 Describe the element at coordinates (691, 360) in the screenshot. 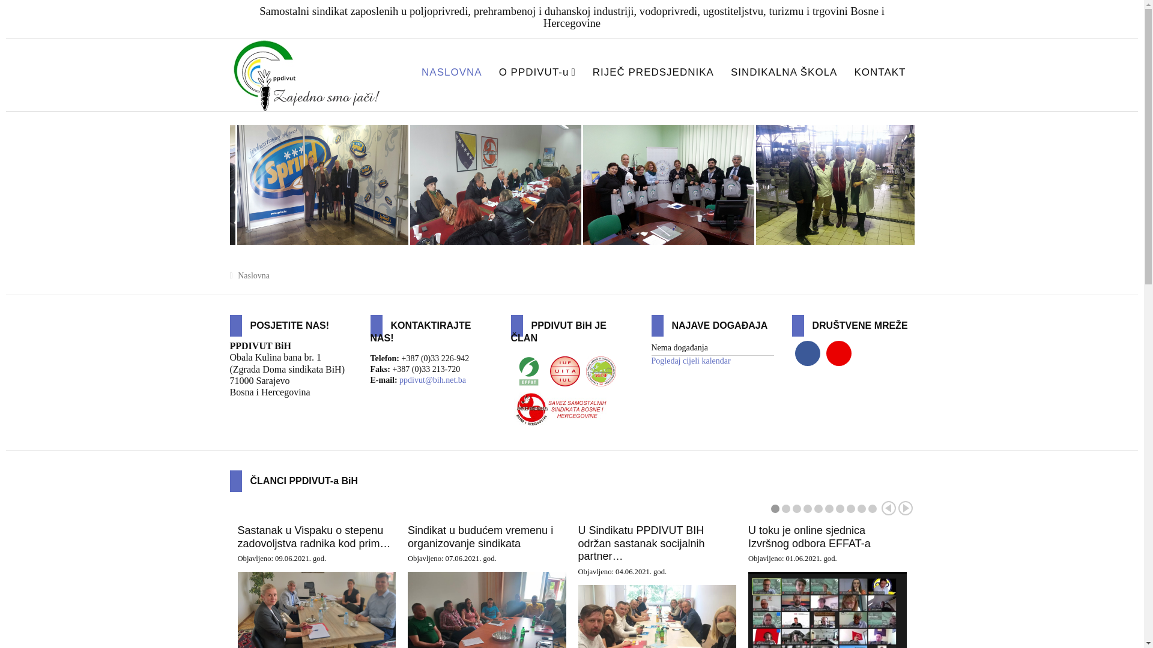

I see `'Pogledaj cijeli kalendar'` at that location.